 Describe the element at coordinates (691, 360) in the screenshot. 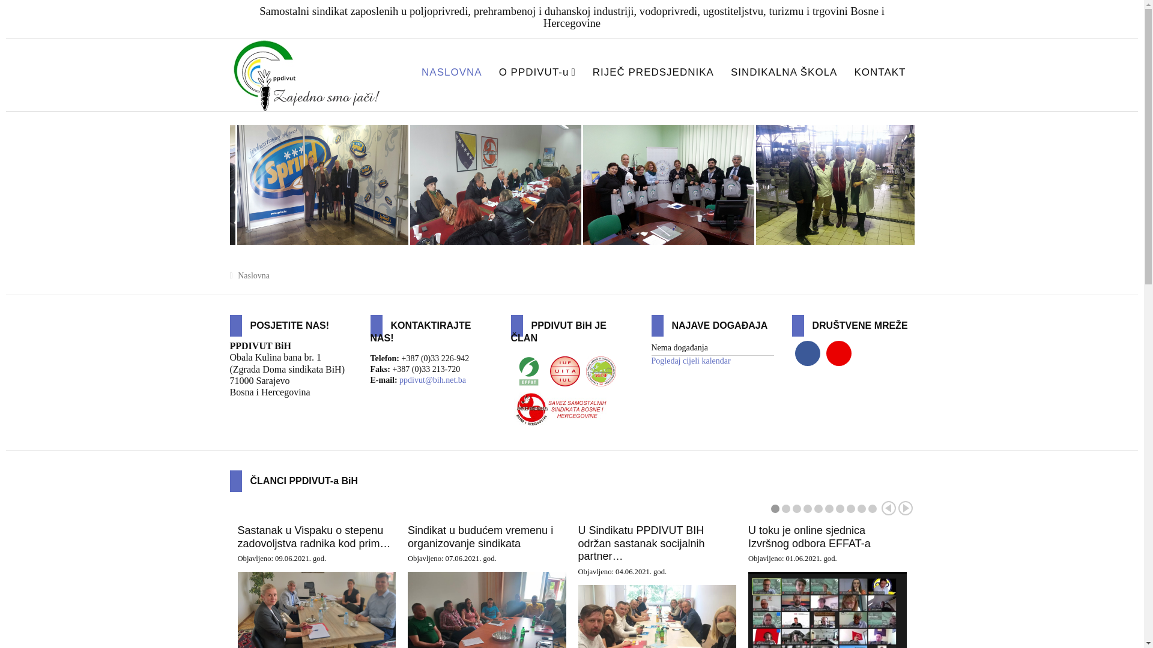

I see `'Pogledaj cijeli kalendar'` at that location.